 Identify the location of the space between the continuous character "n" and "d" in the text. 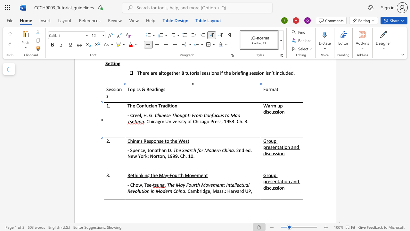
(241, 150).